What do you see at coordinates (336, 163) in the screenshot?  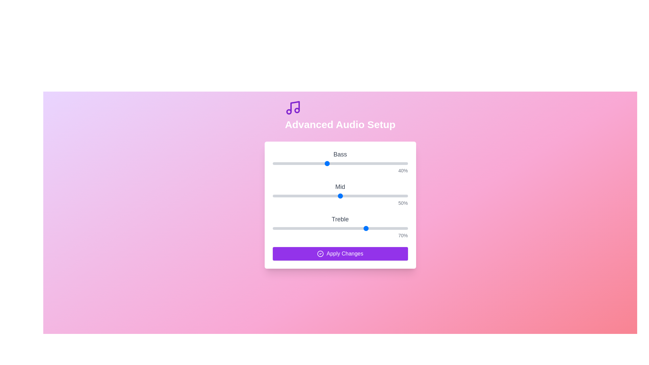 I see `the 0 slider to 47%` at bounding box center [336, 163].